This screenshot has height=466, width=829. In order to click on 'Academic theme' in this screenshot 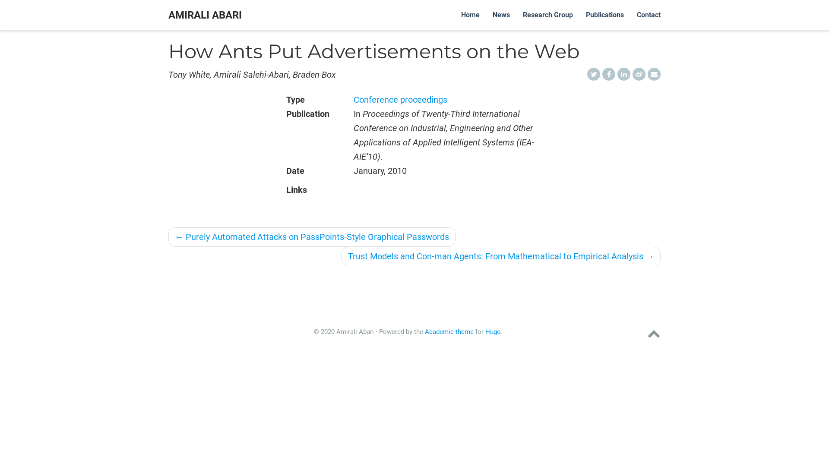, I will do `click(424, 331)`.